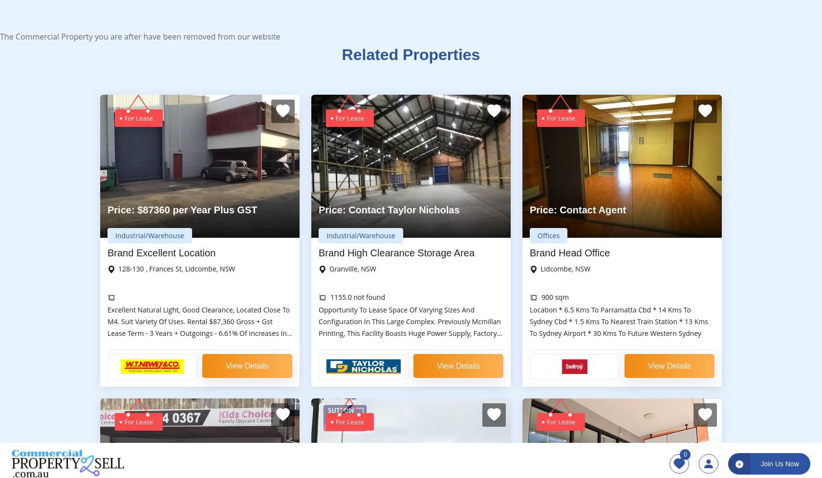  What do you see at coordinates (378, 129) in the screenshot?
I see `'1 , Deniehy Street, CLYDE, NSW'` at bounding box center [378, 129].